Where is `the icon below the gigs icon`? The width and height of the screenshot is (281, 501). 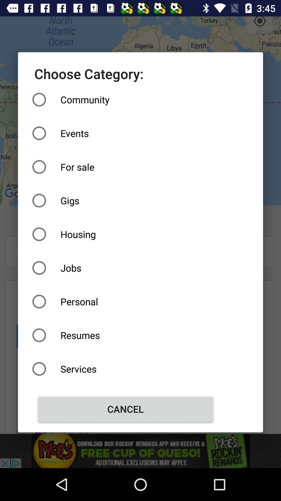
the icon below the gigs icon is located at coordinates (125, 234).